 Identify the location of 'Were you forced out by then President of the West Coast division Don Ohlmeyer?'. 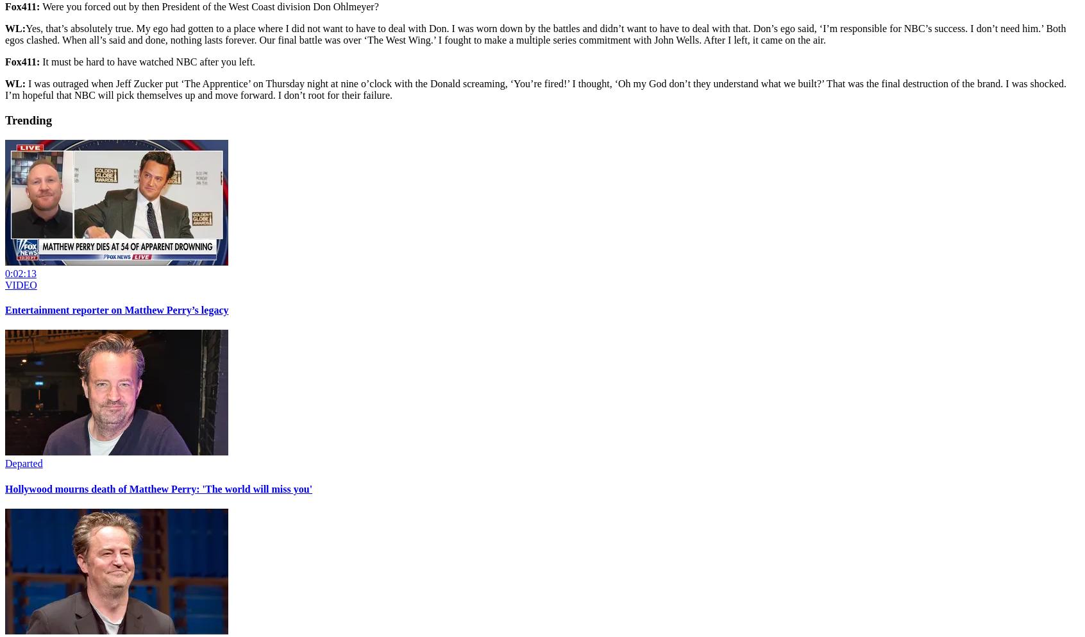
(210, 6).